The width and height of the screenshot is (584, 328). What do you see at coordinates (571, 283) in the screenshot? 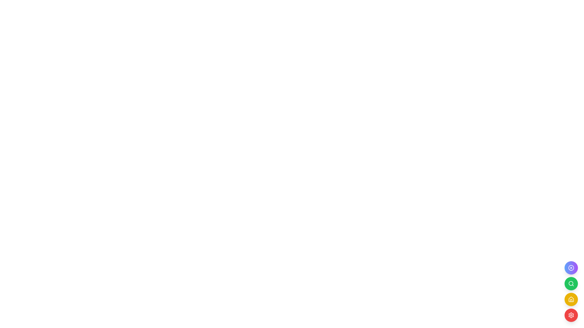
I see `the second button from the top in a vertical column of four interactive round buttons located near the bottom right corner of the interface` at bounding box center [571, 283].